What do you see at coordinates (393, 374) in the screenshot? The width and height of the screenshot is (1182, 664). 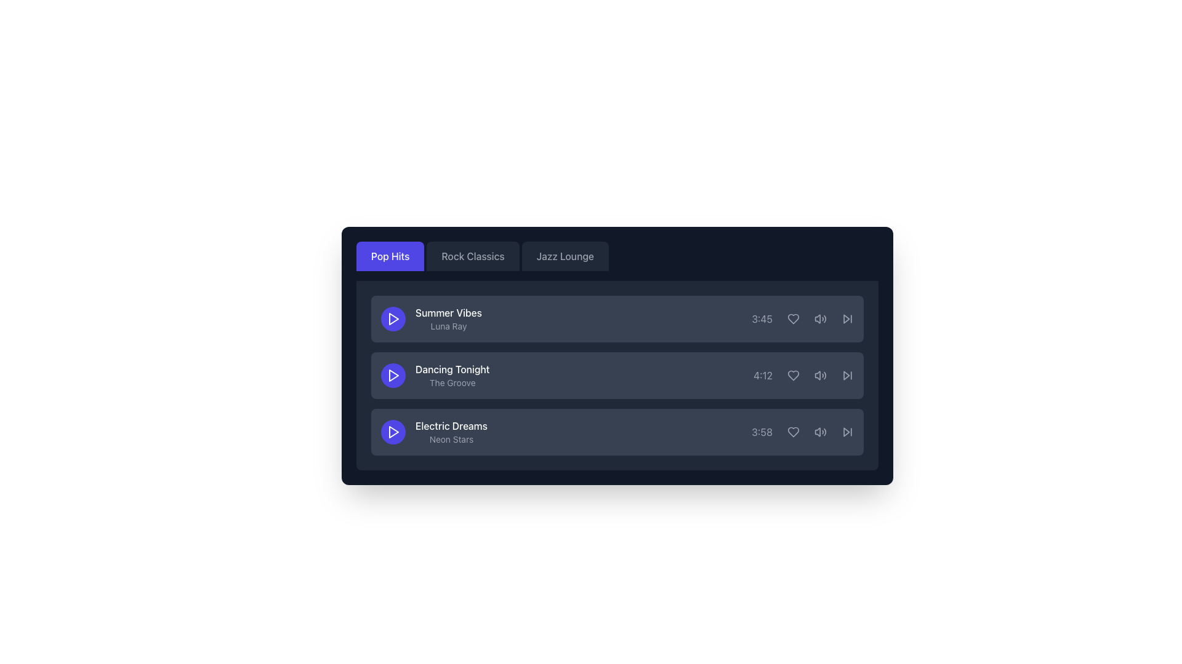 I see `the purple triangle-shaped play icon associated with the item titled 'Dancing Tonight' in the music list` at bounding box center [393, 374].